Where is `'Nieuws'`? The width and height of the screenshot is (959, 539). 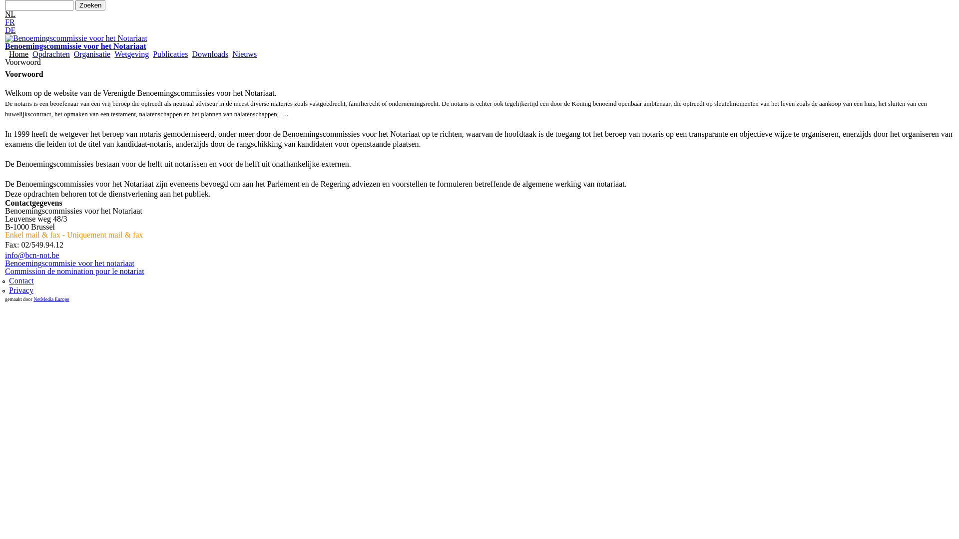
'Nieuws' is located at coordinates (244, 54).